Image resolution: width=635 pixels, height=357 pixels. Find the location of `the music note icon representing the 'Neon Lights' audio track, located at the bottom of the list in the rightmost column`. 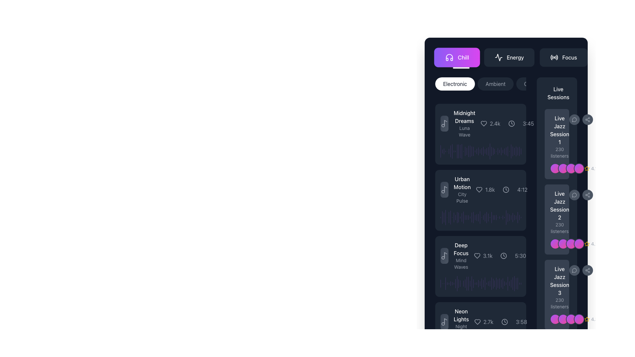

the music note icon representing the 'Neon Lights' audio track, located at the bottom of the list in the rightmost column is located at coordinates (444, 322).